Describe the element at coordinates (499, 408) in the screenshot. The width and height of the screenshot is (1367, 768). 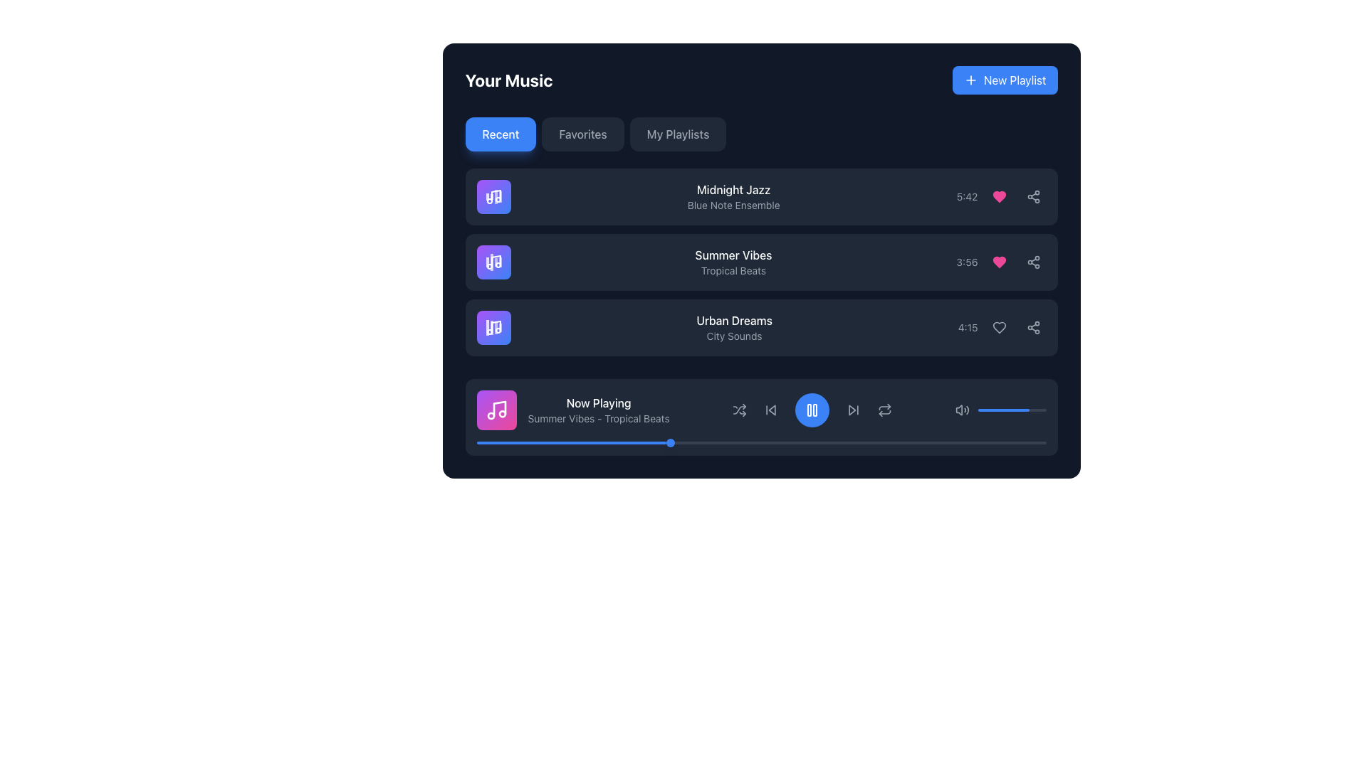
I see `the musical note icon located in the bottom left corner of the 'Now Playing' section, which features a white tint on a purple-toned square background` at that location.